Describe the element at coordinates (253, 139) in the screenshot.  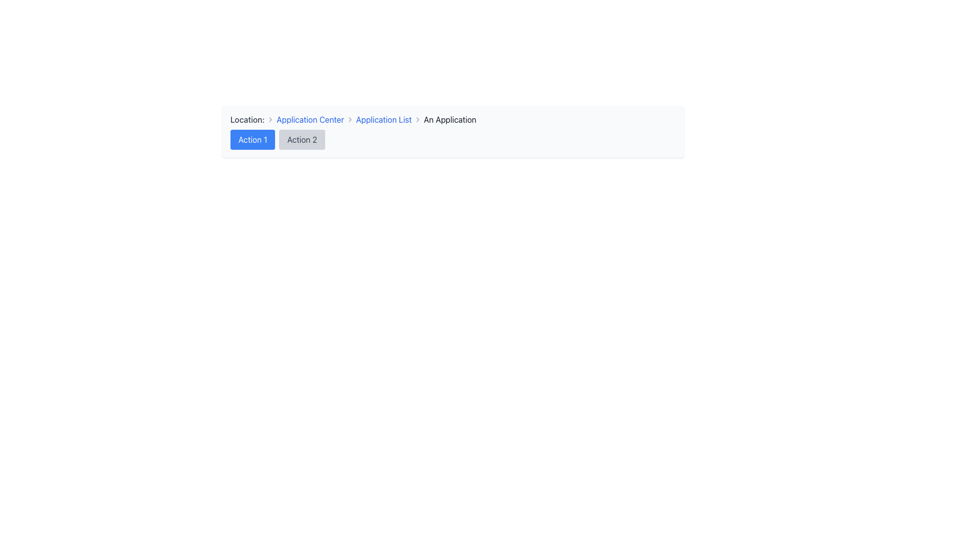
I see `the button located to the left of the 'Action 2' button to change its appearance` at that location.